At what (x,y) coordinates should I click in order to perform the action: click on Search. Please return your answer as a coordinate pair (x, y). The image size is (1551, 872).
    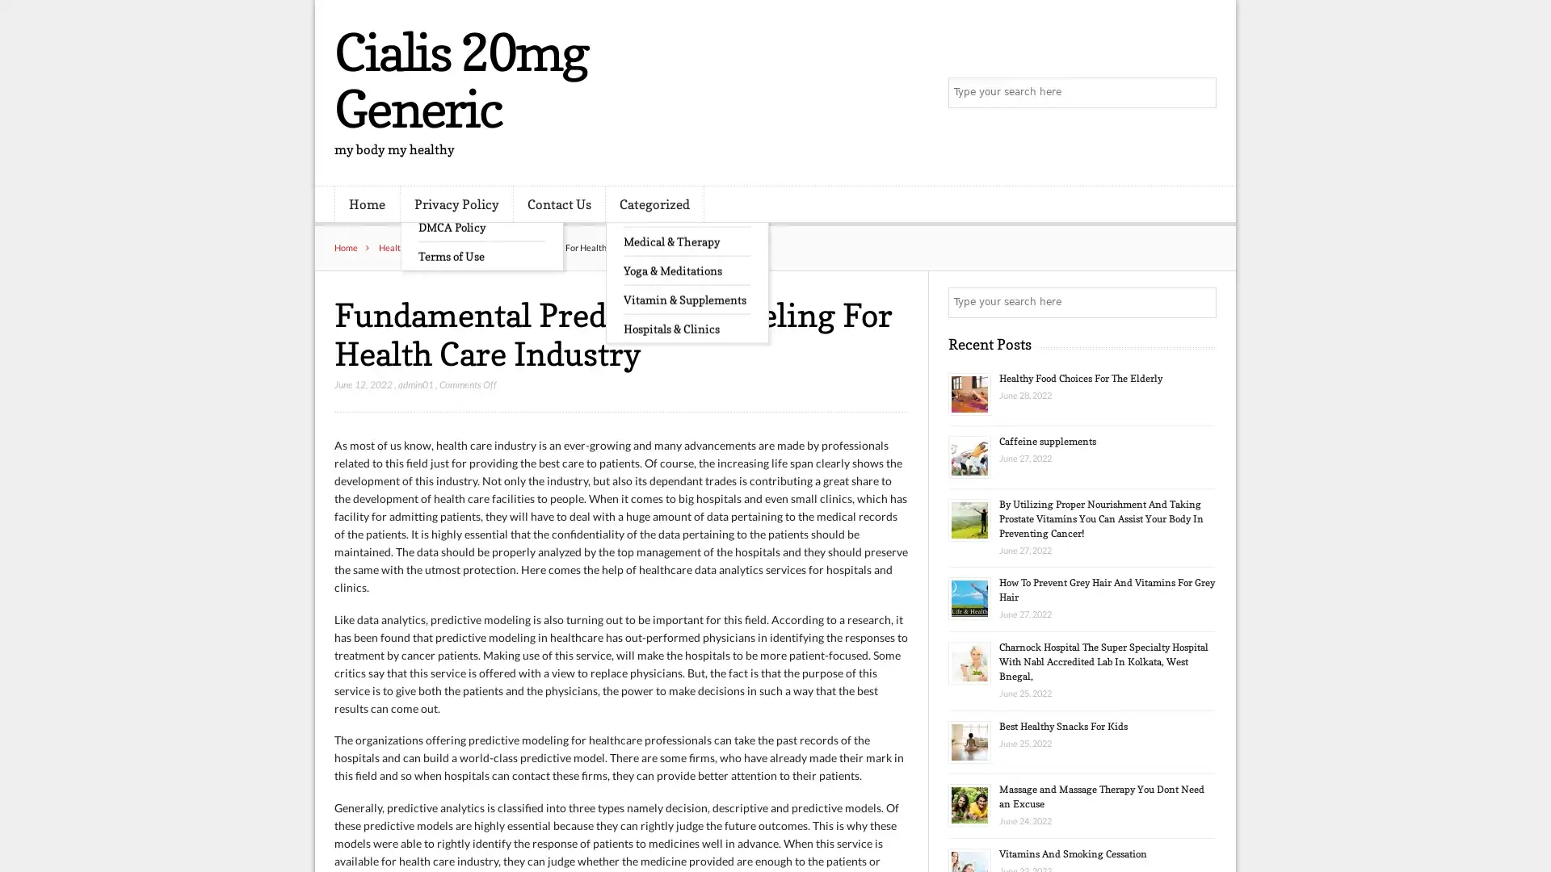
    Looking at the image, I should click on (1200, 302).